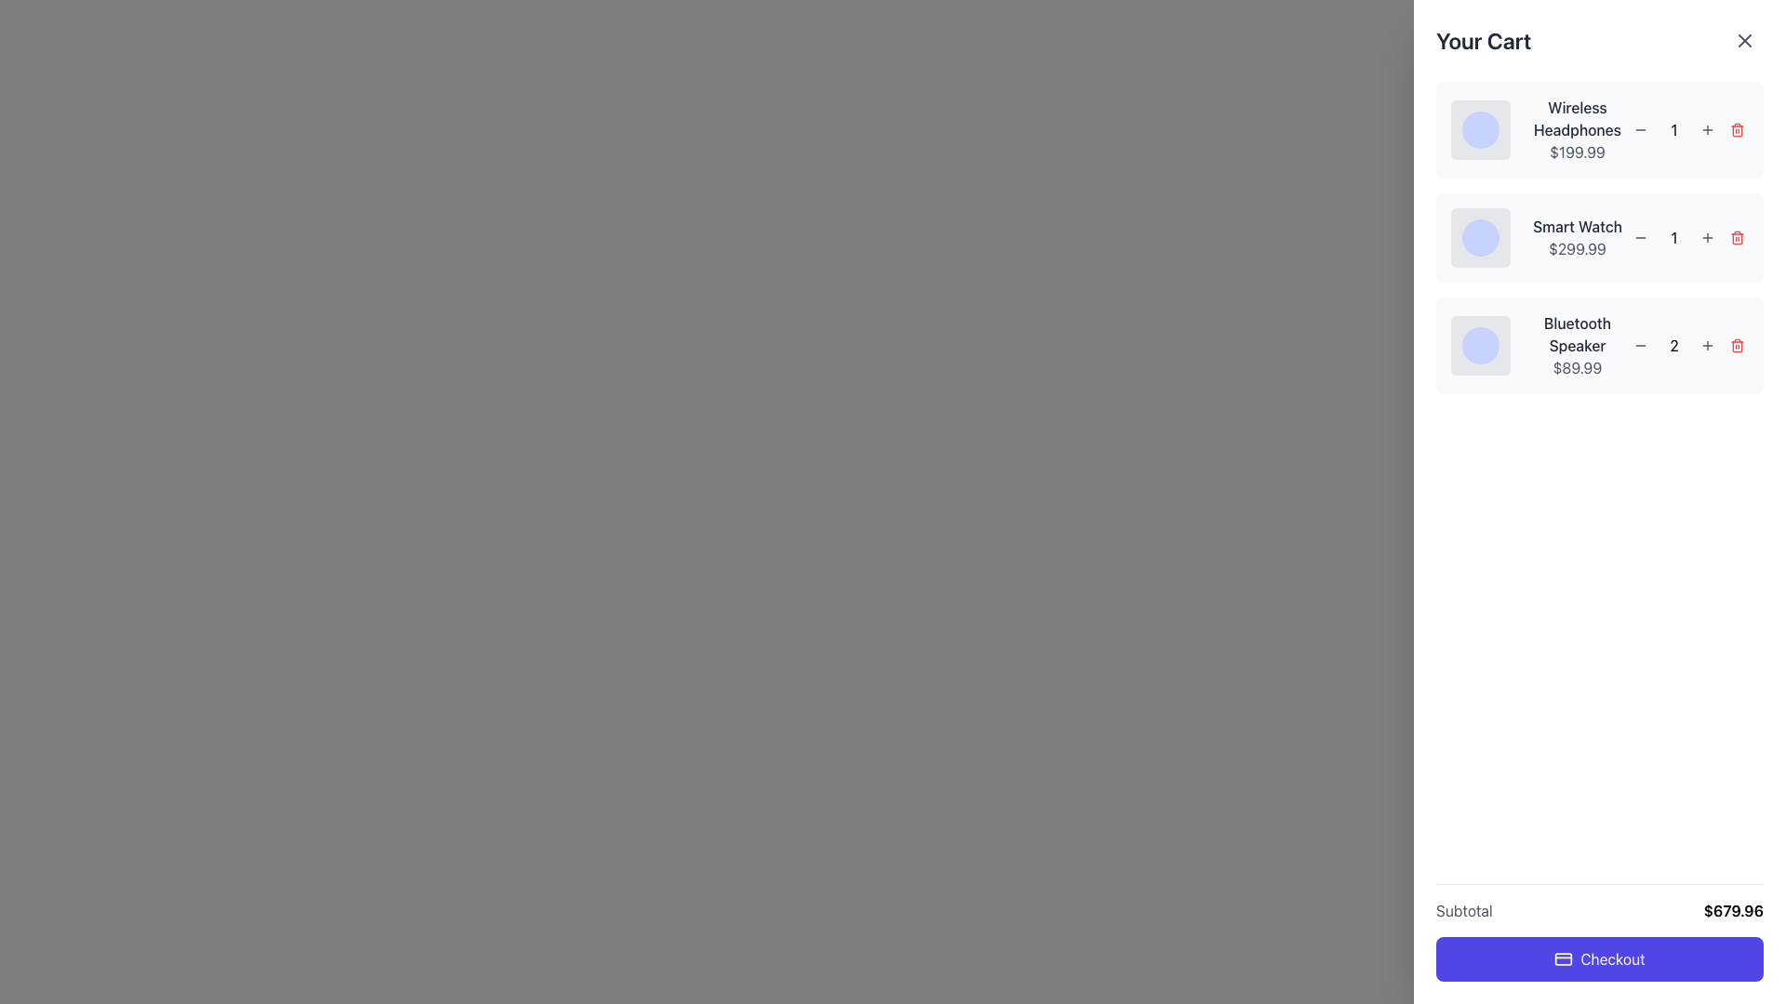  Describe the element at coordinates (1744, 40) in the screenshot. I see `the Close button icon (gray 'x' mark) located in the upper-right corner of the cart side panel` at that location.